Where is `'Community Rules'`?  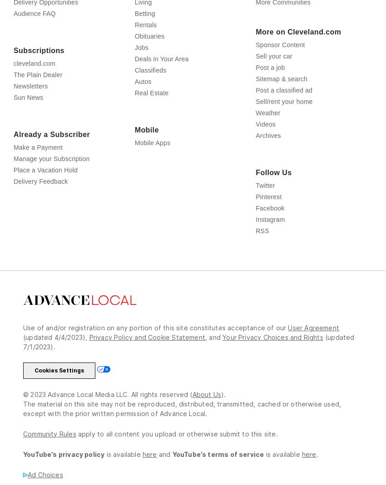 'Community Rules' is located at coordinates (49, 454).